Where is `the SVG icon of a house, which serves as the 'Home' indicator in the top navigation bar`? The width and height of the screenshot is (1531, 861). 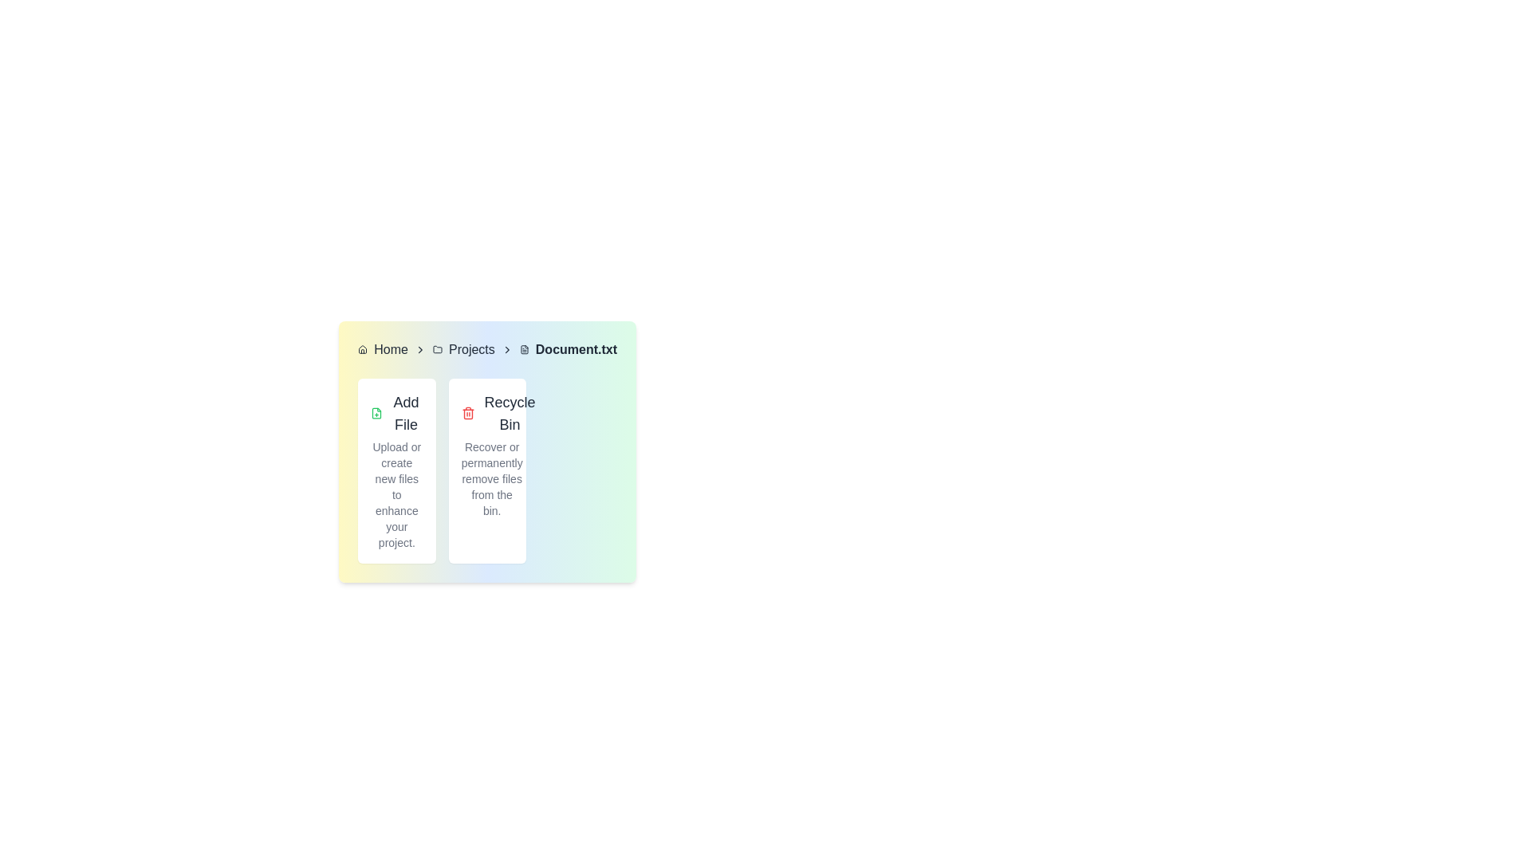
the SVG icon of a house, which serves as the 'Home' indicator in the top navigation bar is located at coordinates (362, 348).